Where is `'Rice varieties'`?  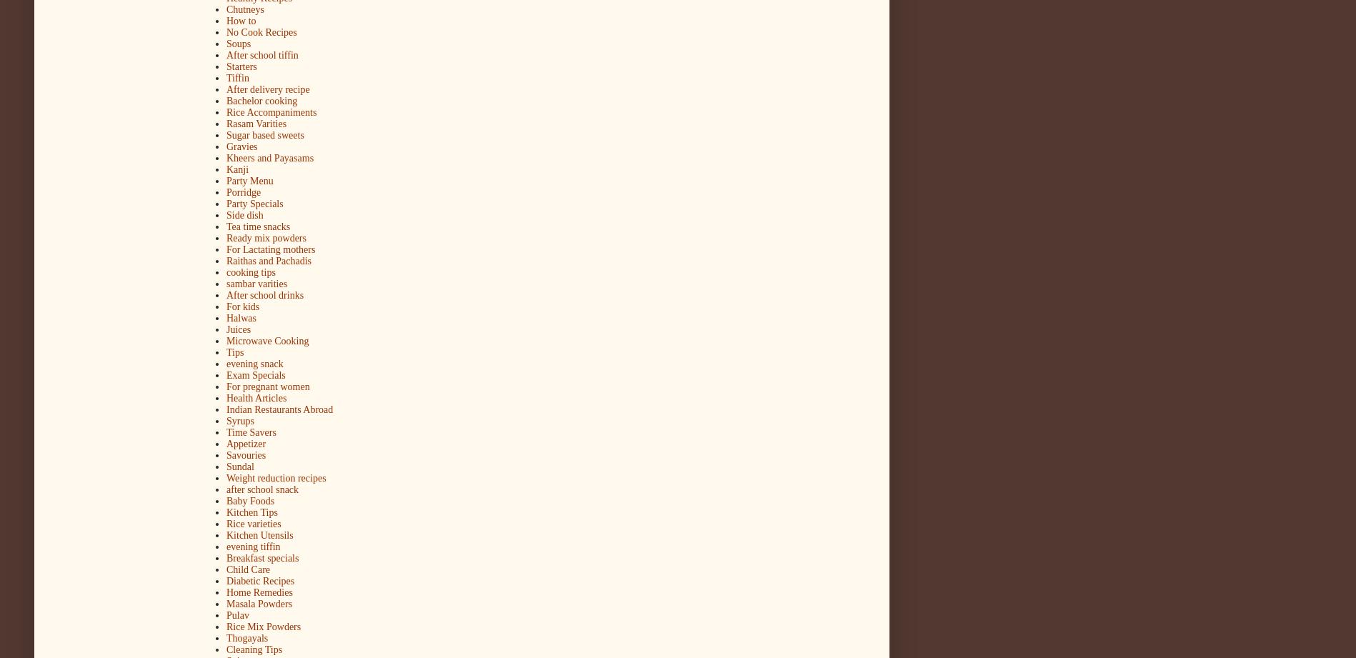
'Rice varieties' is located at coordinates (253, 524).